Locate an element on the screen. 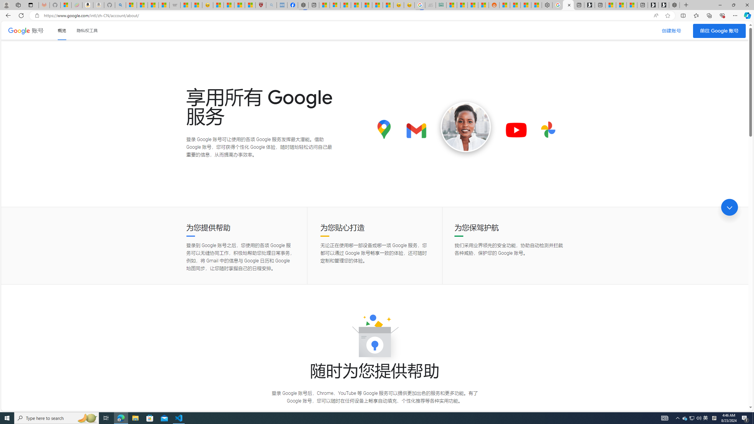 This screenshot has width=754, height=424. 'R******* | Trusted Community Engagement and Contributions' is located at coordinates (504, 5).